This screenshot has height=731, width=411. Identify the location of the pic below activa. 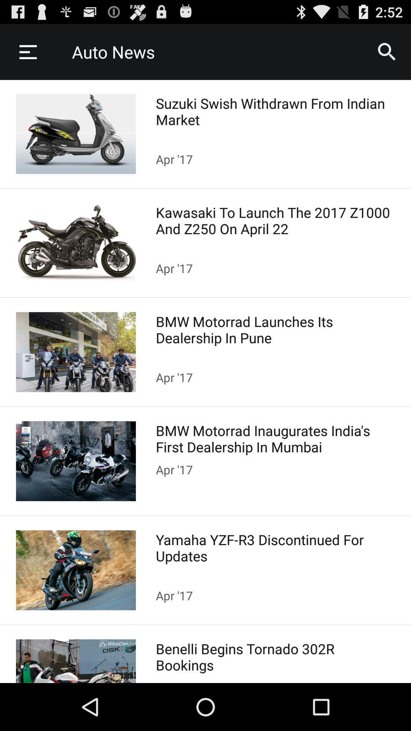
(76, 243).